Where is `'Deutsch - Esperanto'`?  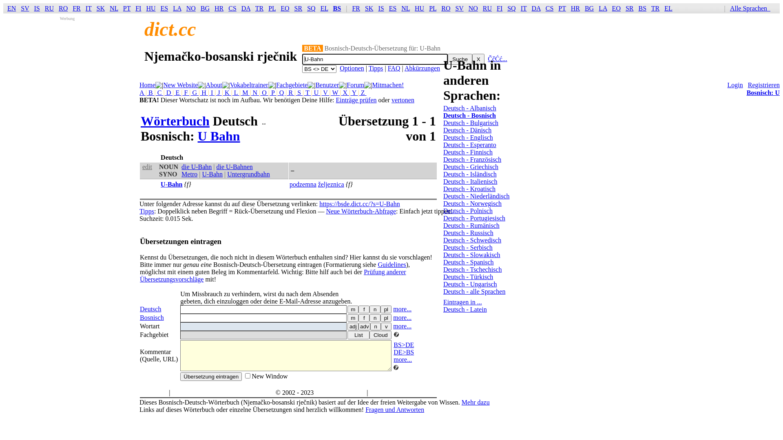
'Deutsch - Esperanto' is located at coordinates (470, 144).